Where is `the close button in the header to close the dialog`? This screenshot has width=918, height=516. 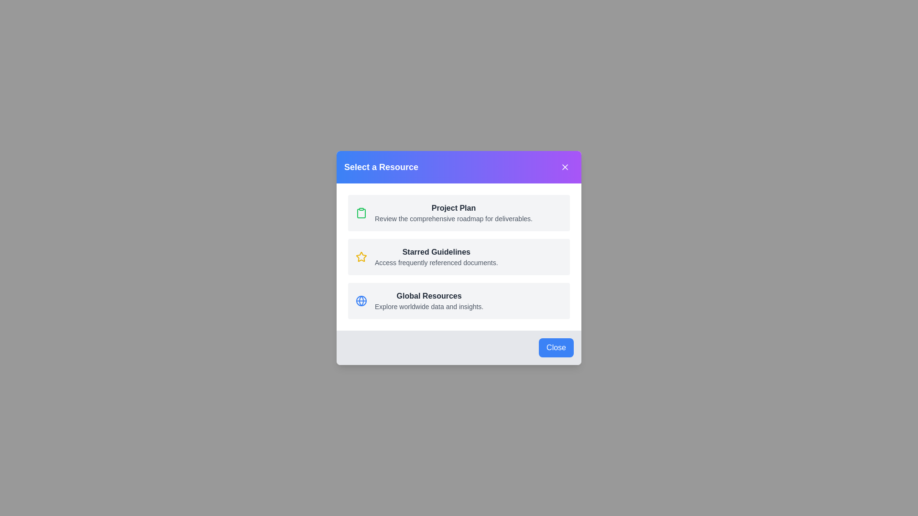
the close button in the header to close the dialog is located at coordinates (565, 167).